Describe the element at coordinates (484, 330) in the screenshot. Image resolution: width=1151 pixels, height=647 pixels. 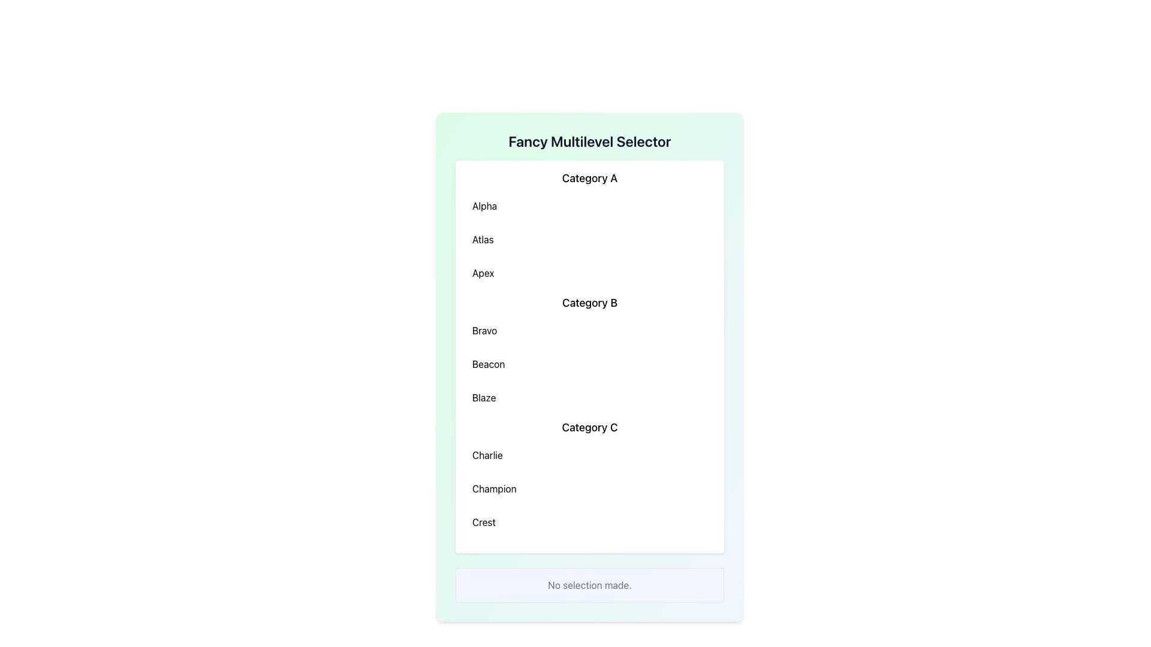
I see `the first selectable item labeled 'Bravo' in the multi-level selector interface under 'Category B'` at that location.